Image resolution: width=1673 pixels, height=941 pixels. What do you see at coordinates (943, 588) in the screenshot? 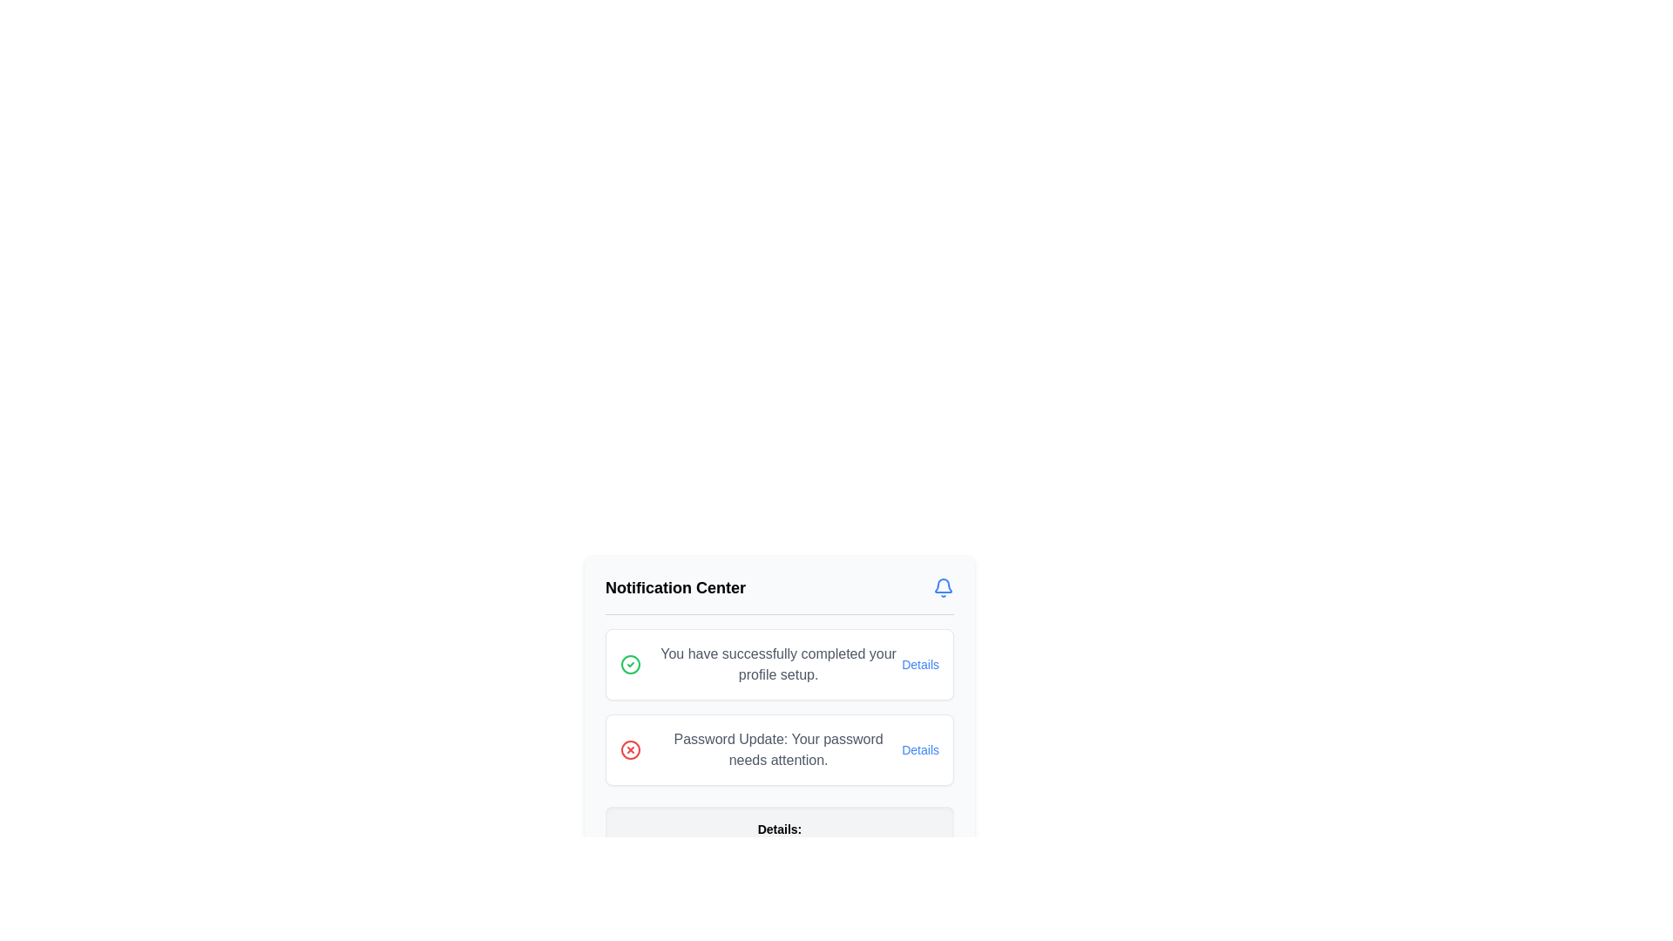
I see `the bell icon located in the top-right section of the Notification Center header` at bounding box center [943, 588].